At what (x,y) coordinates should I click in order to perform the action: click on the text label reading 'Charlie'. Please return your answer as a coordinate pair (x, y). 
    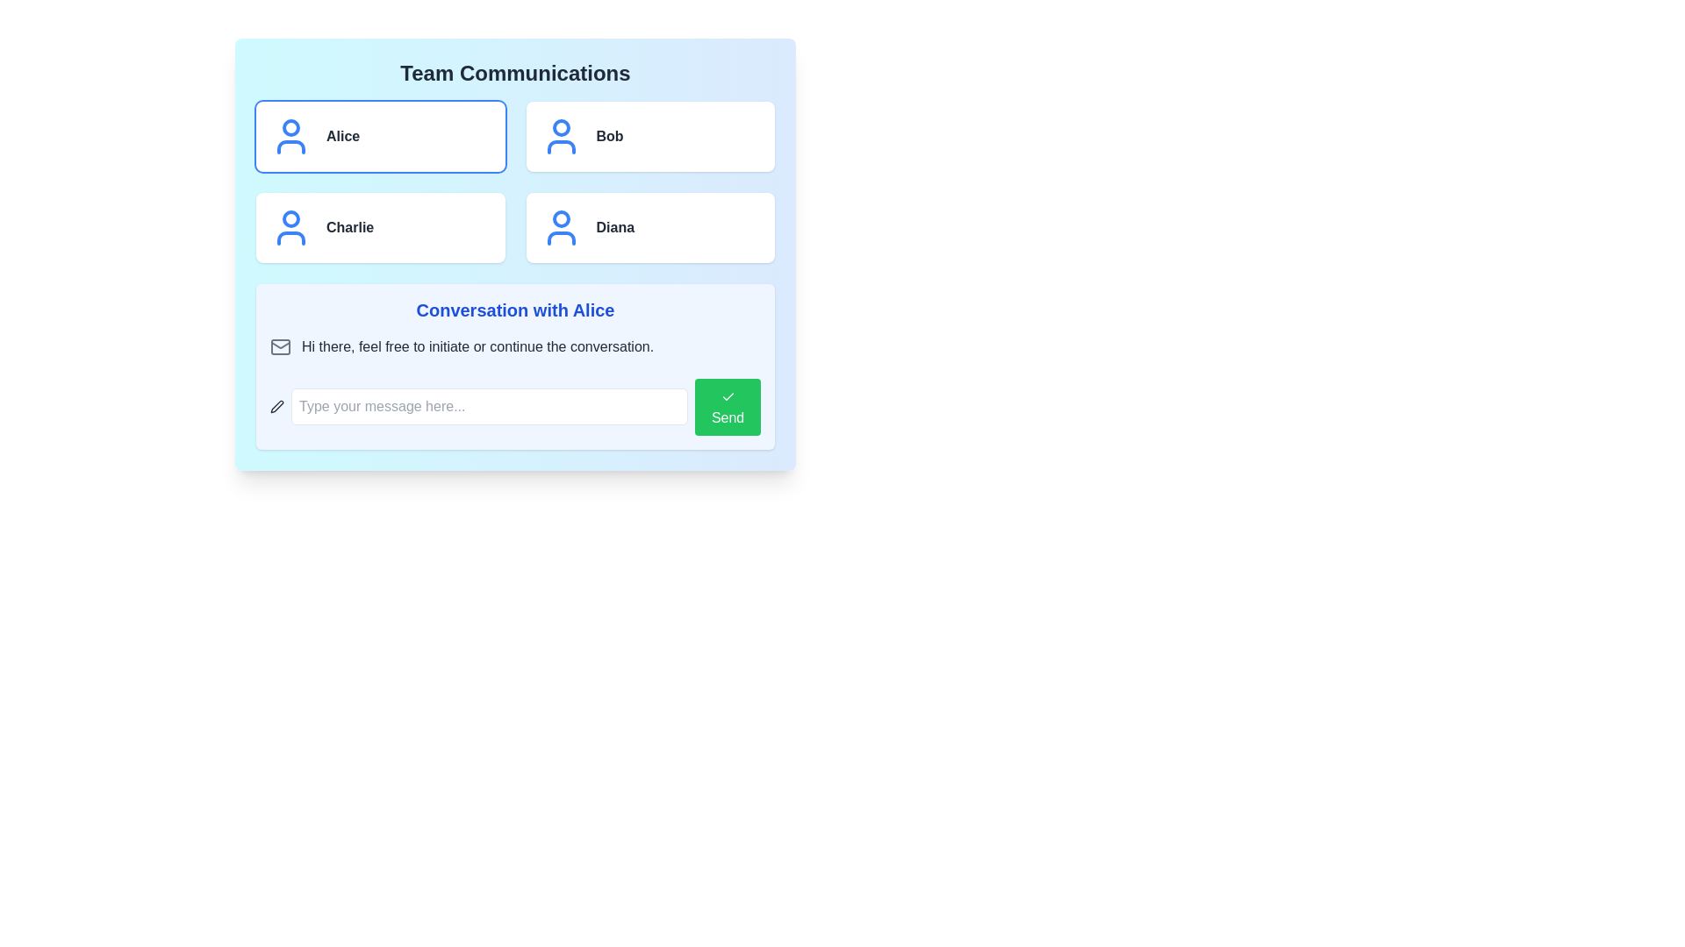
    Looking at the image, I should click on (350, 226).